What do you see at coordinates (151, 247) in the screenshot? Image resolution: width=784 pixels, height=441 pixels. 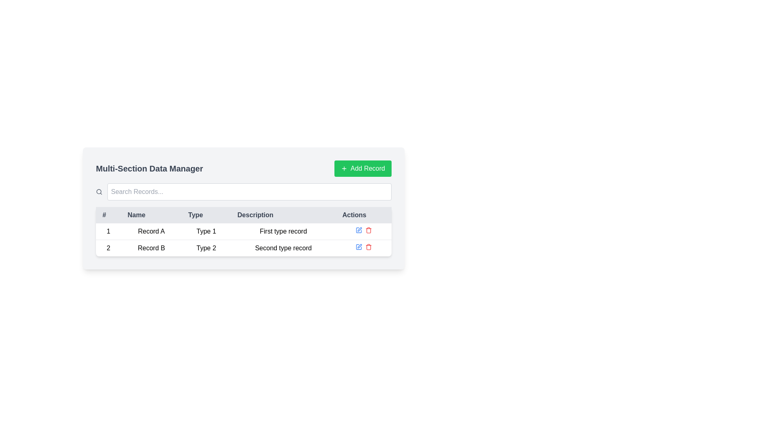 I see `the text label displaying 'Record B' located in the second row of the table, specifically in the 'Name' column` at bounding box center [151, 247].